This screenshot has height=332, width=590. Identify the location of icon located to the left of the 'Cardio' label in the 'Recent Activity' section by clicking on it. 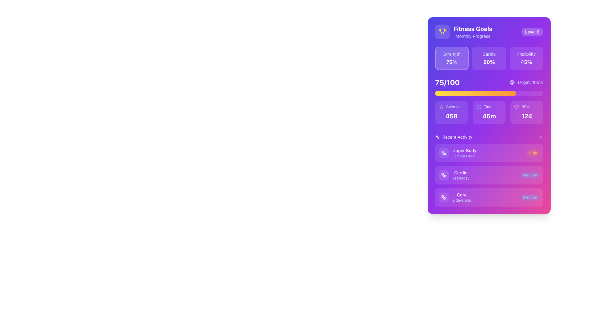
(444, 175).